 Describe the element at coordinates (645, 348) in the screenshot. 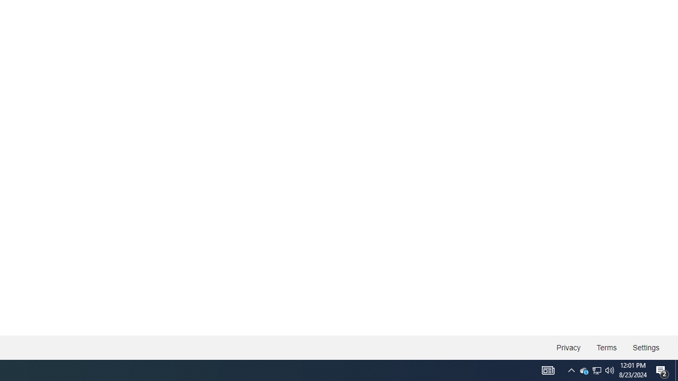

I see `'Settings'` at that location.